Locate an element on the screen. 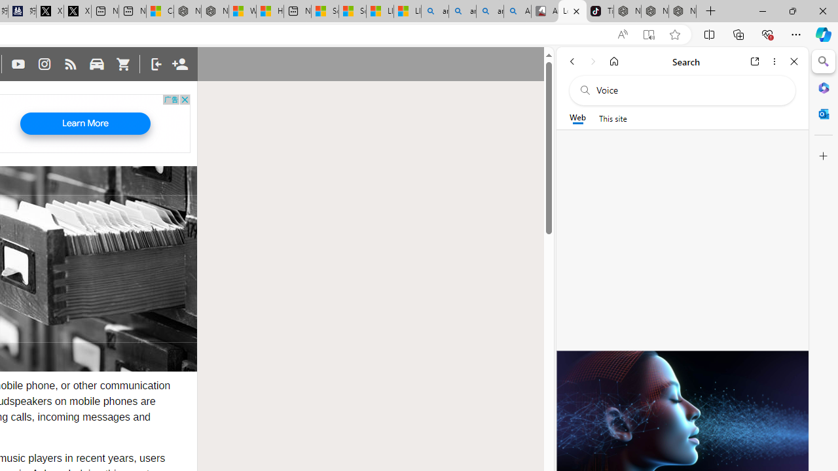 This screenshot has width=838, height=471. 'Nordace Siena Pro 15 Backpack' is located at coordinates (655, 11).